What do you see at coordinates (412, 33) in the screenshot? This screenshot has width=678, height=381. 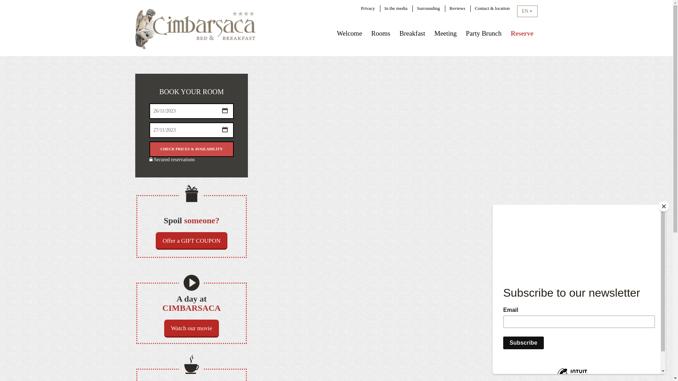 I see `'Breakfast'` at bounding box center [412, 33].